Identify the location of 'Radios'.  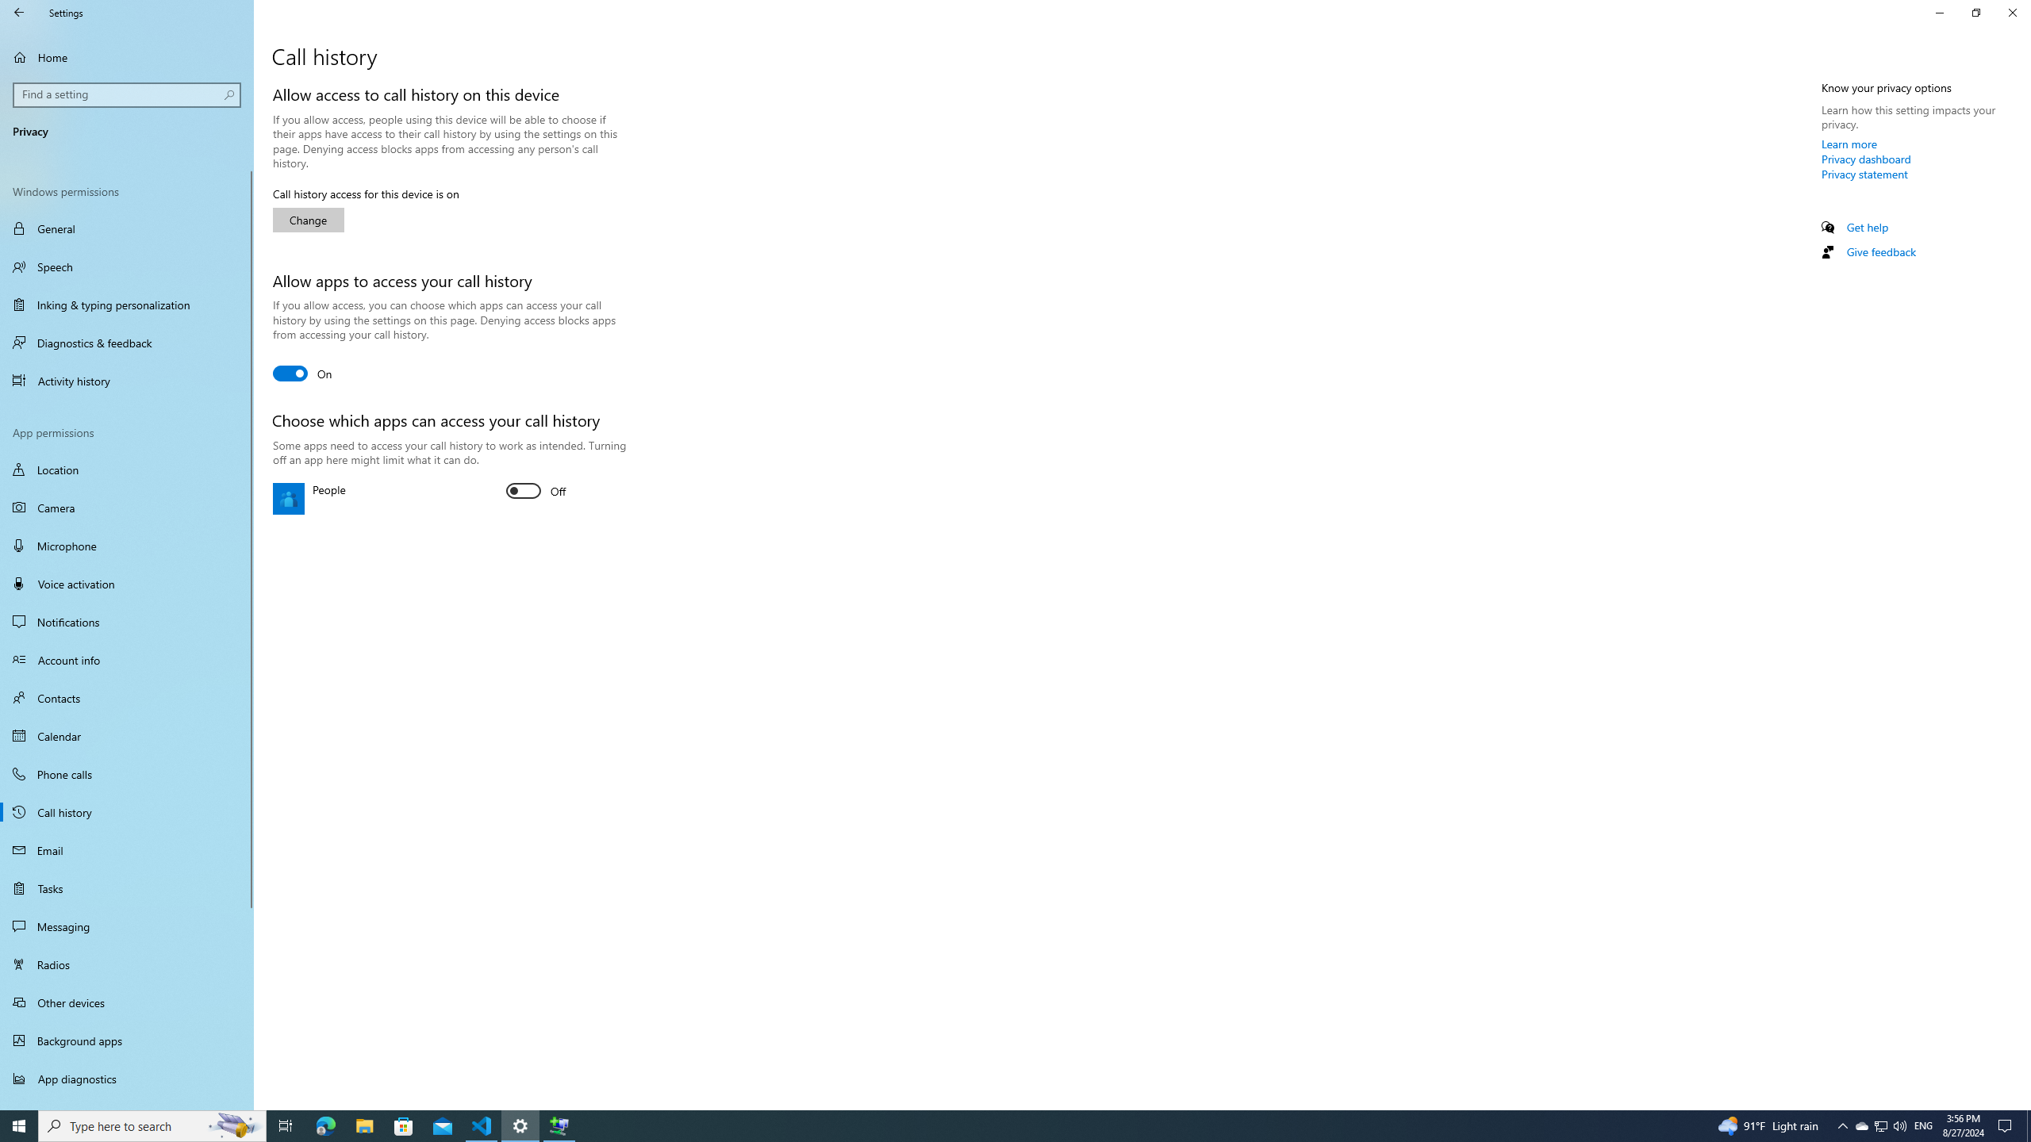
(126, 964).